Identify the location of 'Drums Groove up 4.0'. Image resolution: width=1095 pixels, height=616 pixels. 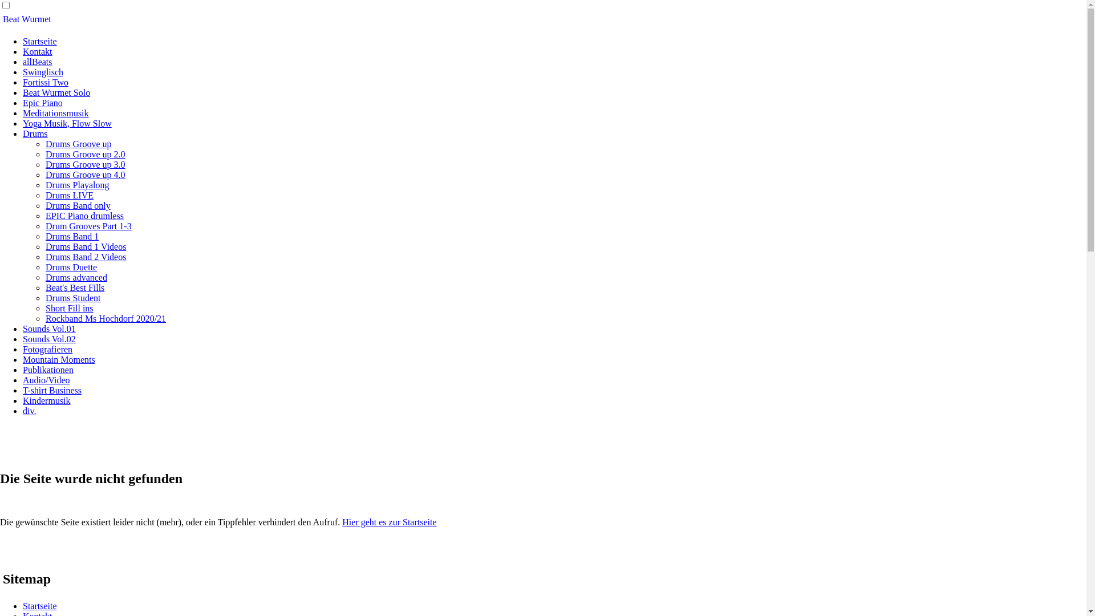
(84, 175).